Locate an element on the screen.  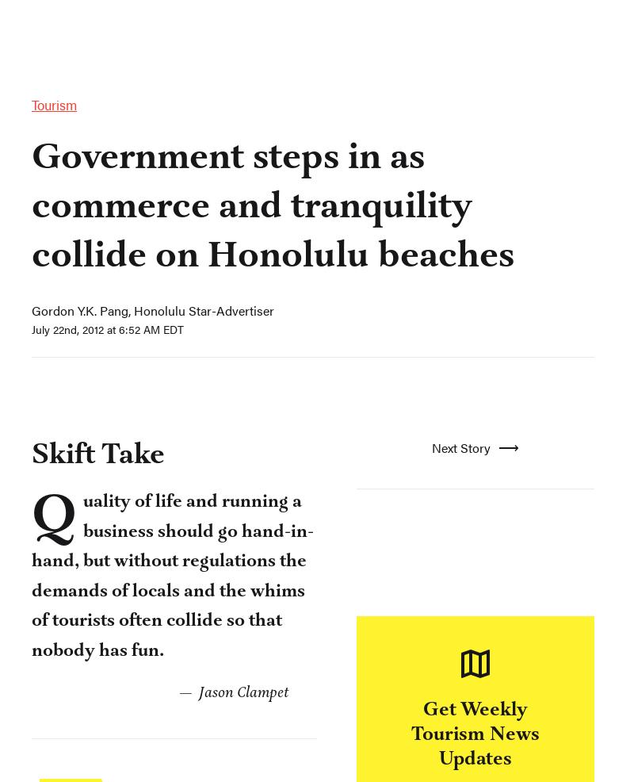
'Gordon Y.K. Pang, Honolulu Star-Advertiser' is located at coordinates (158, 529).